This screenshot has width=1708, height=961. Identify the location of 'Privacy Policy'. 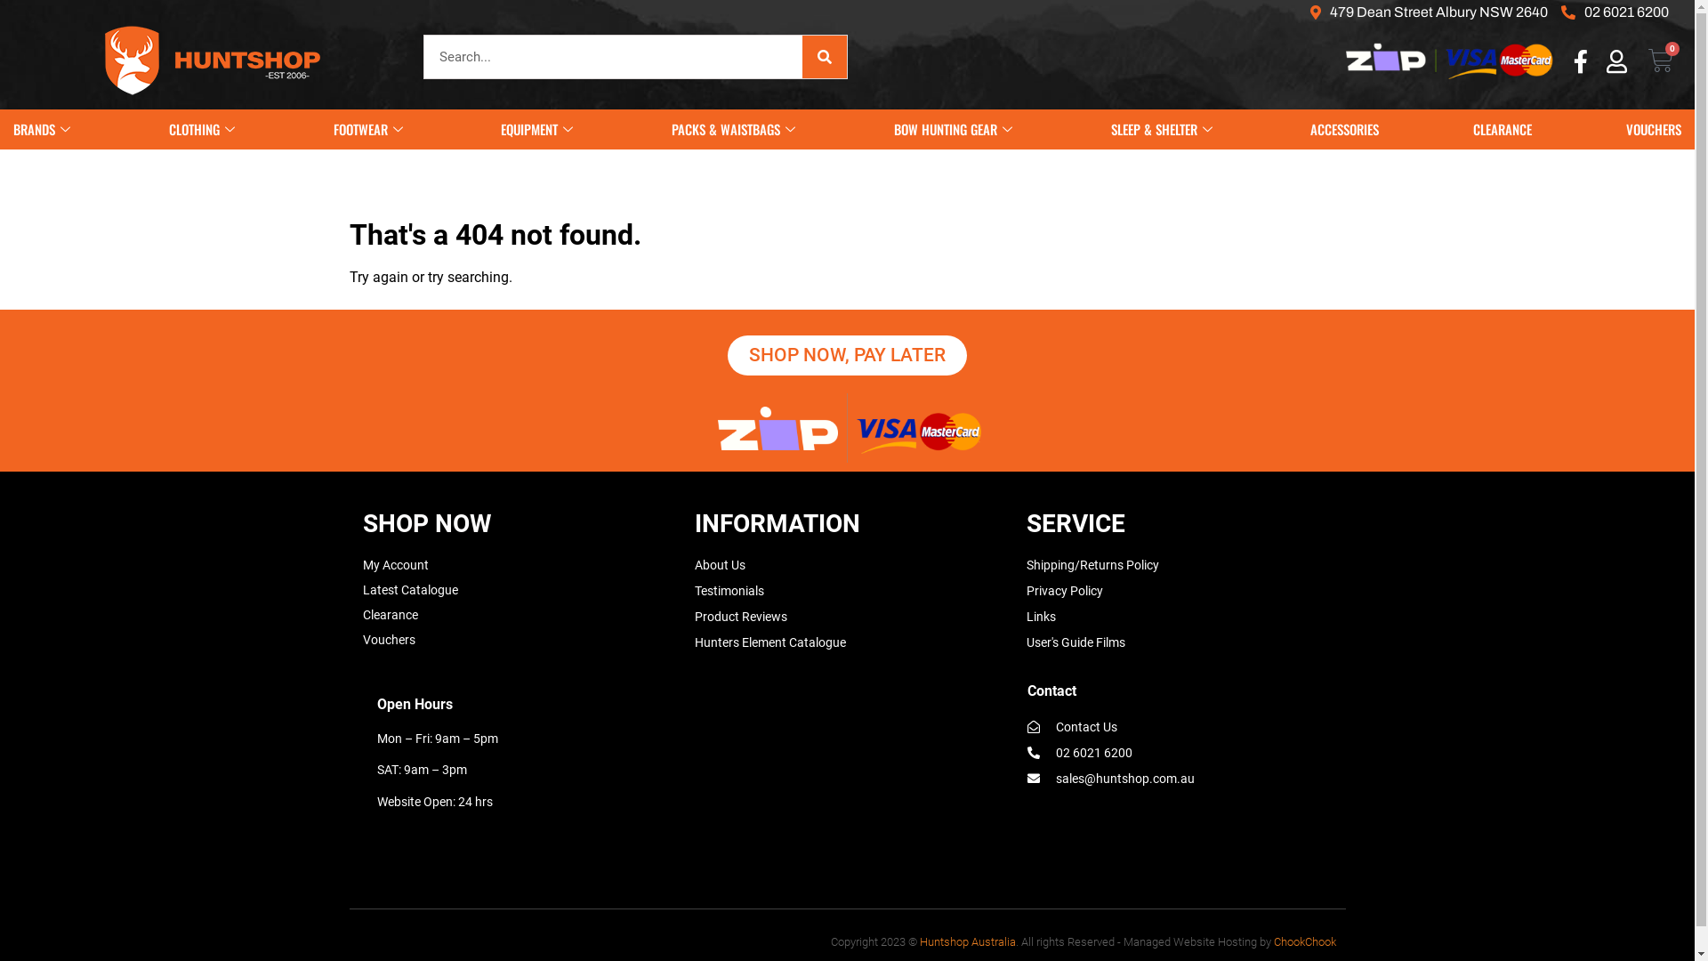
(1064, 590).